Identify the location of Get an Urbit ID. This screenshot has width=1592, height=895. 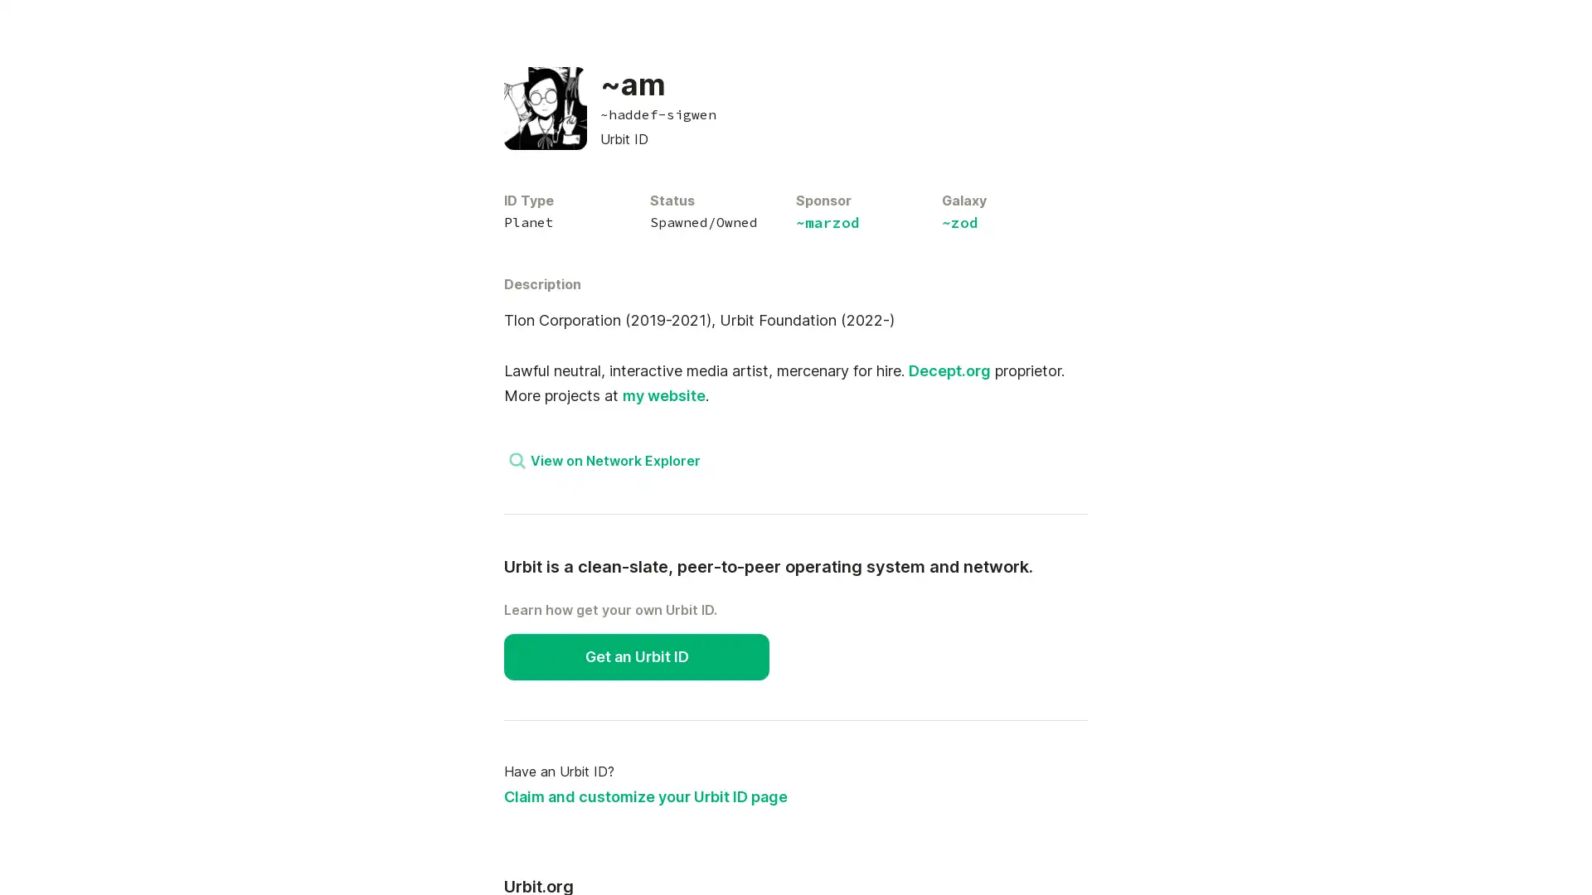
(636, 655).